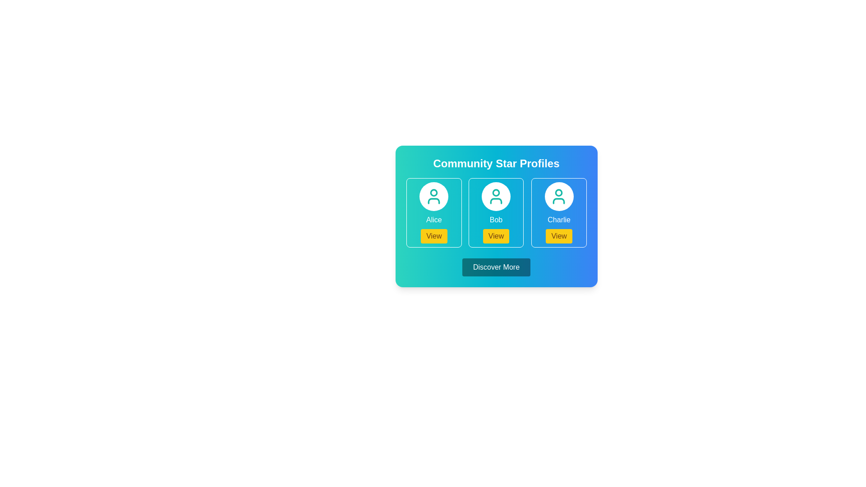 Image resolution: width=866 pixels, height=487 pixels. Describe the element at coordinates (496, 196) in the screenshot. I see `the user silhouette icon displayed in teal color, which is centered within a circular white background in the profile box labeled 'Bob'` at that location.